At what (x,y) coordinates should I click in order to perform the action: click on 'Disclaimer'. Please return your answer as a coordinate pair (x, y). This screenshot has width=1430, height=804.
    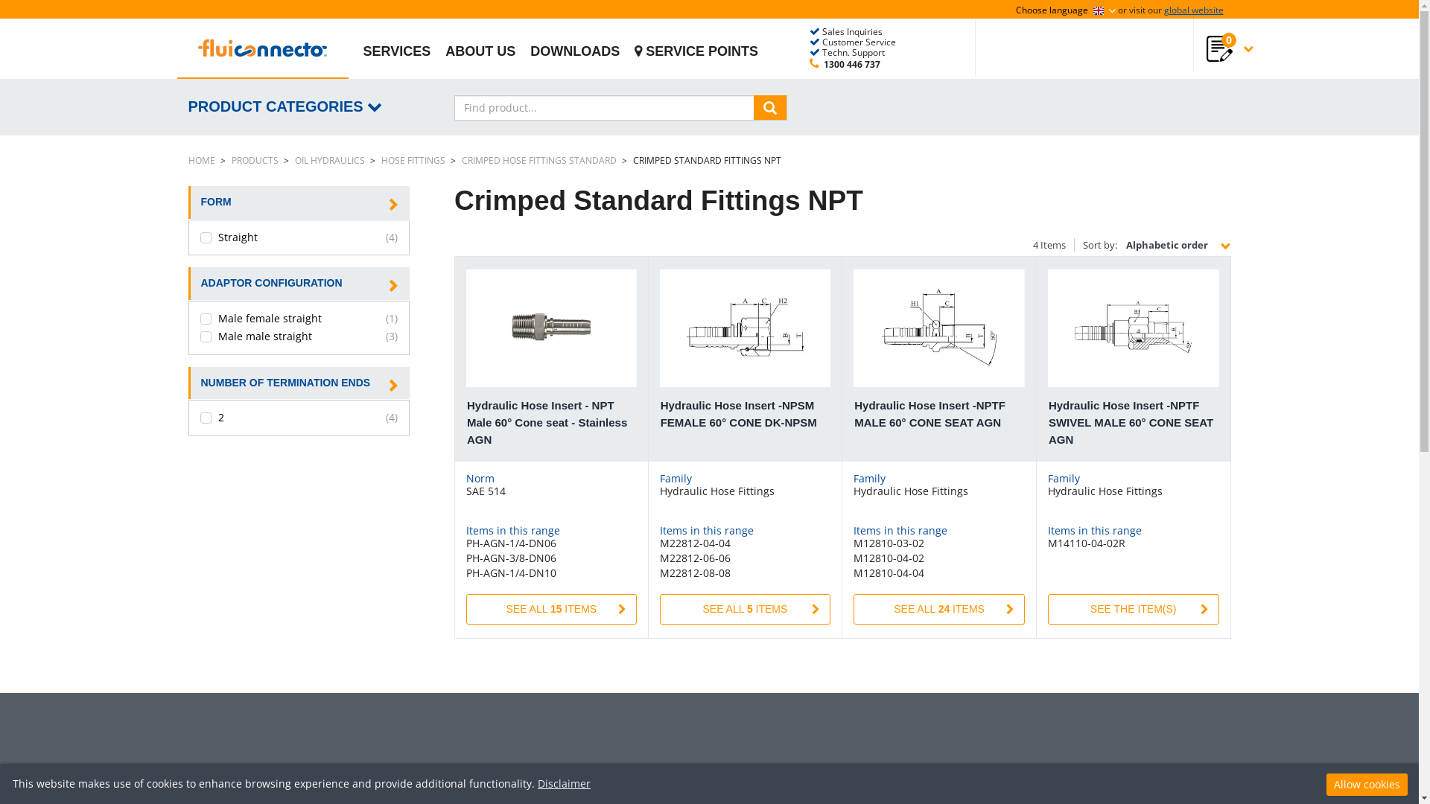
    Looking at the image, I should click on (563, 782).